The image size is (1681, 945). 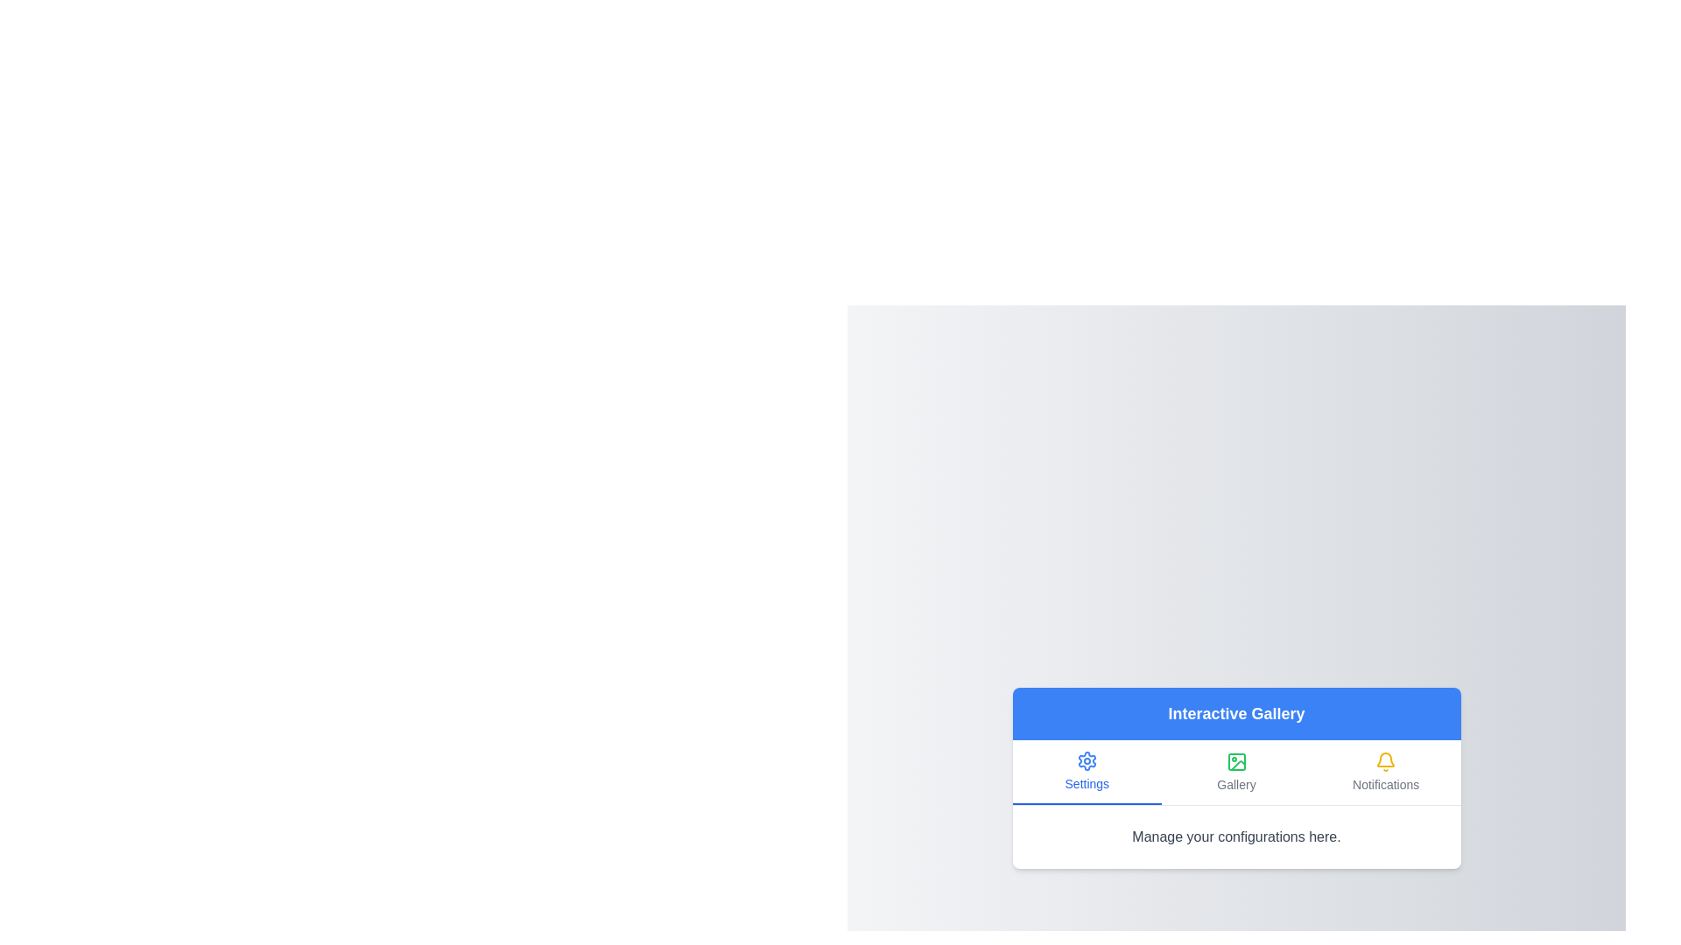 What do you see at coordinates (1086, 771) in the screenshot?
I see `the tab labeled Settings` at bounding box center [1086, 771].